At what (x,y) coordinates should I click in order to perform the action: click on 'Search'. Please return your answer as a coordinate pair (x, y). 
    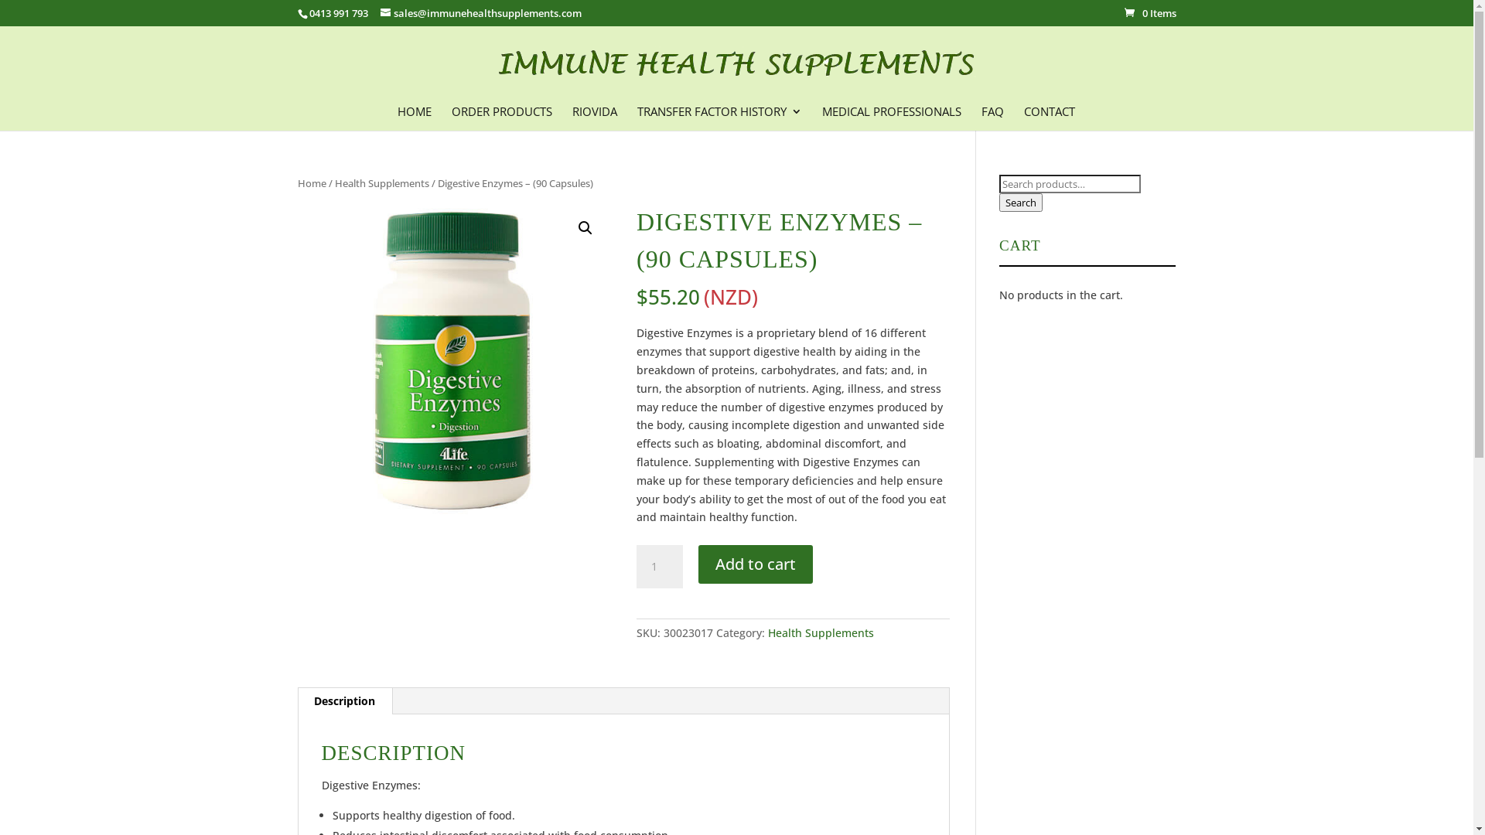
    Looking at the image, I should click on (1021, 202).